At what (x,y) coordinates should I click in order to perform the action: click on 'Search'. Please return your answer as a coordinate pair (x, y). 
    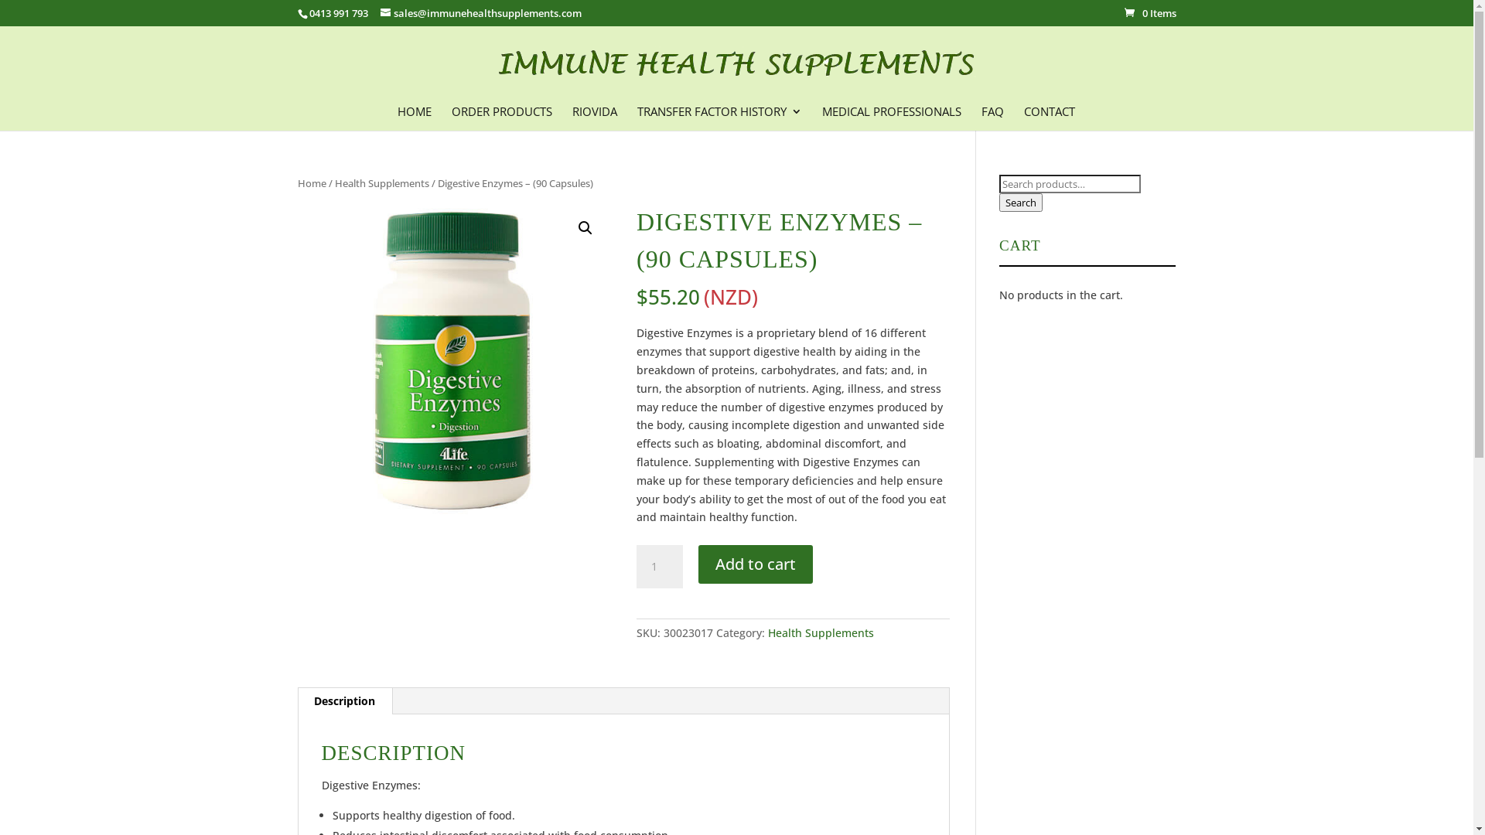
    Looking at the image, I should click on (1021, 202).